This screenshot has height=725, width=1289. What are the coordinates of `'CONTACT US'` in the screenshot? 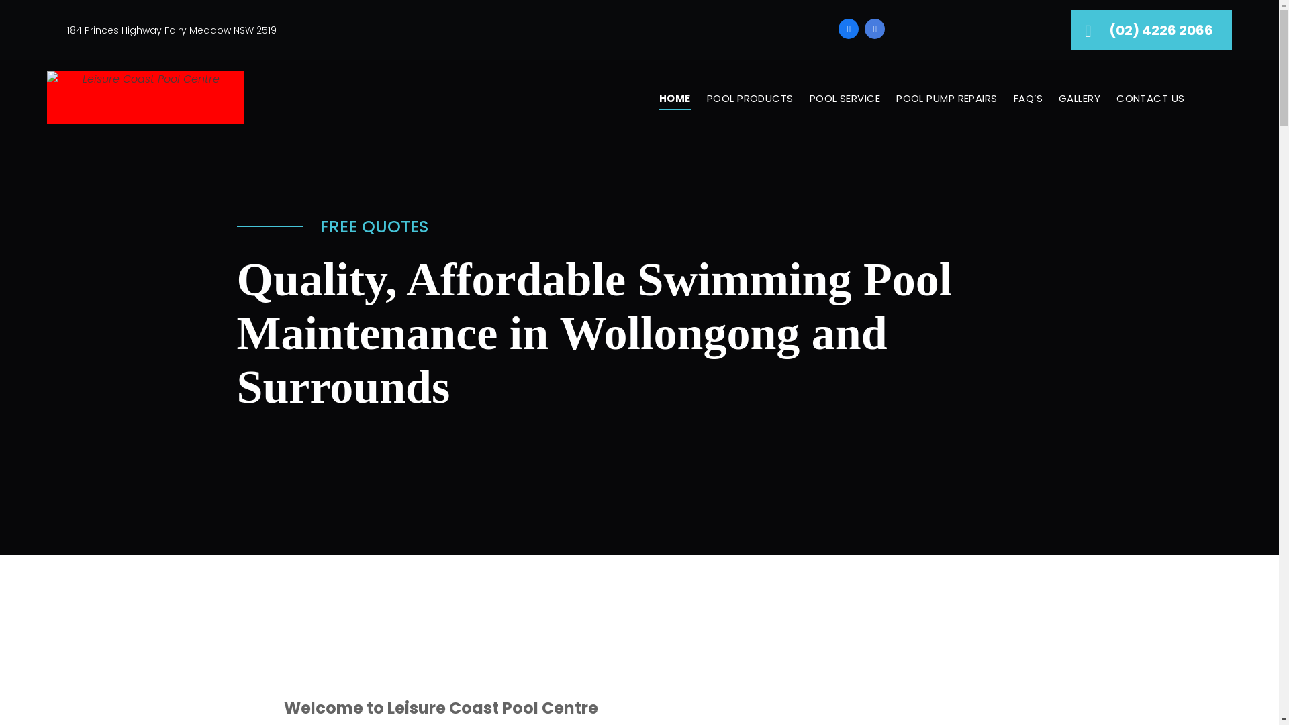 It's located at (1149, 98).